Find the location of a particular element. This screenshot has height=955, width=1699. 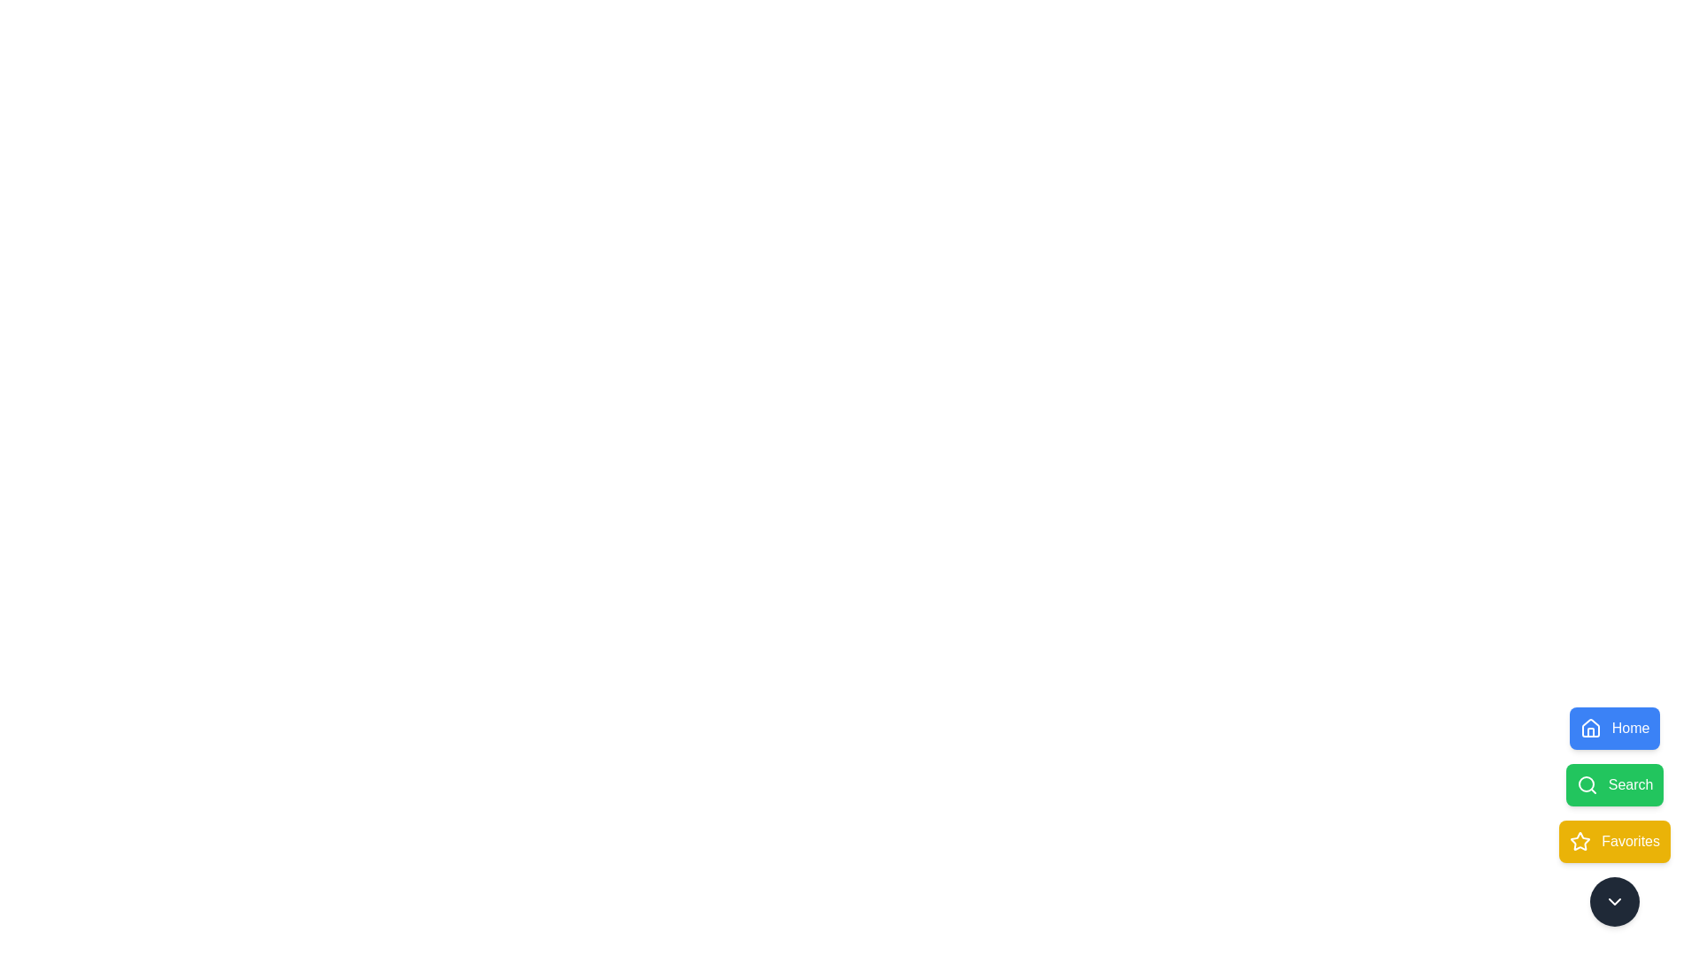

the Home button to select the corresponding shortcut is located at coordinates (1614, 729).